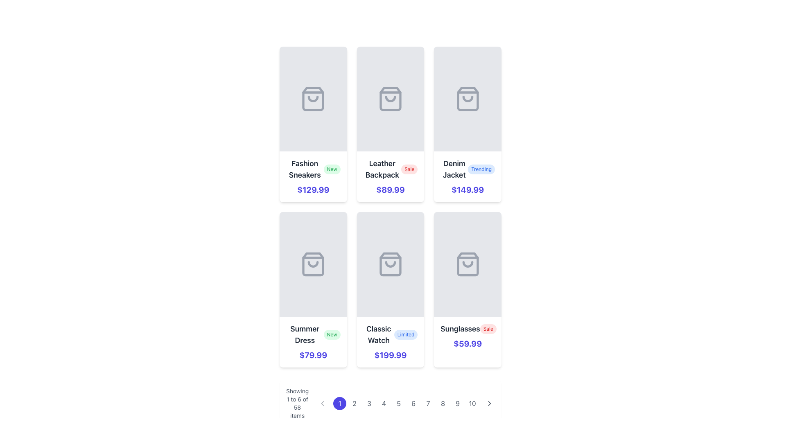  Describe the element at coordinates (468, 99) in the screenshot. I see `the gray shopping bag icon located at the center of the upper section of the third card representing the 'Denim Jacket' product` at that location.